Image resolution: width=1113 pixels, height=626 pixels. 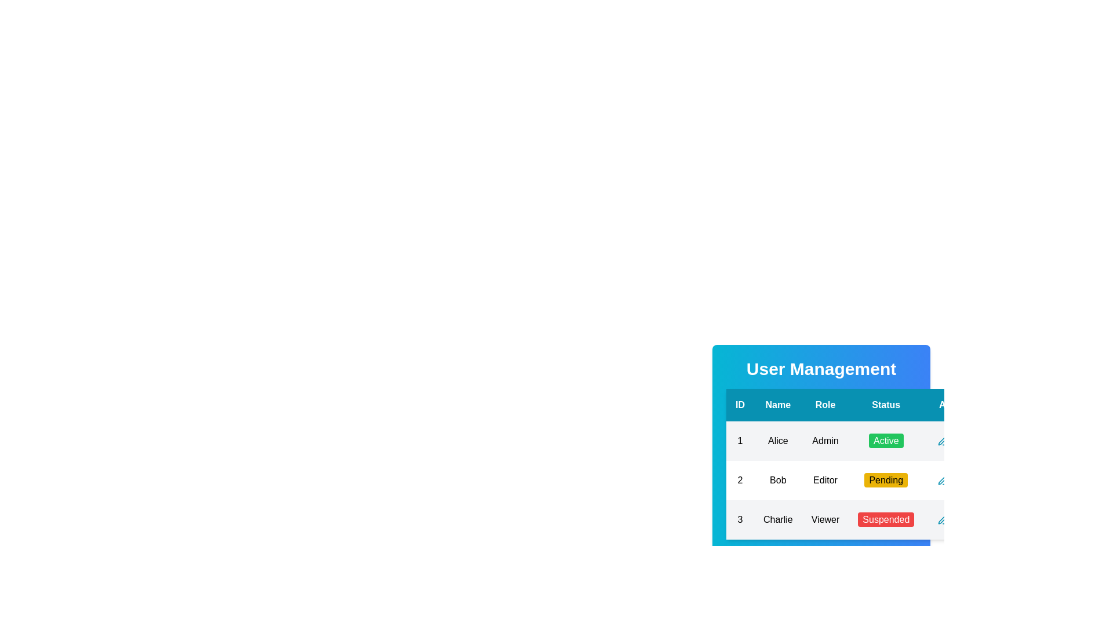 I want to click on the 'Active' status indicator in the 'Status' column of the table for 'Alice - Admin', so click(x=885, y=441).